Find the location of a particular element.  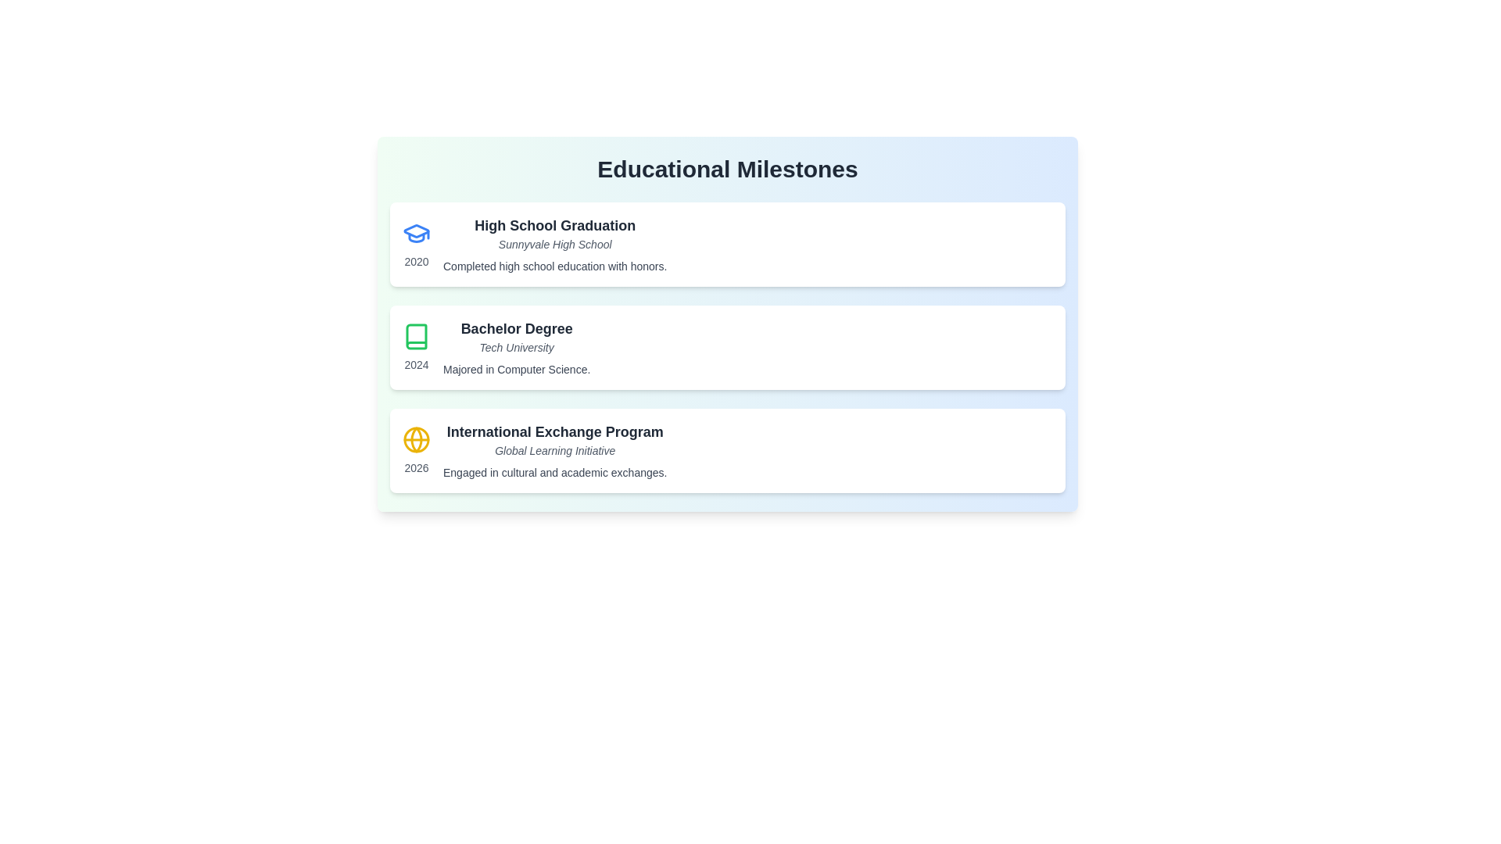

text of the prominent heading element titled 'High School Graduation', which is styled with a larger, bold serif font in dark gray color, located near the top left of the card is located at coordinates (555, 226).